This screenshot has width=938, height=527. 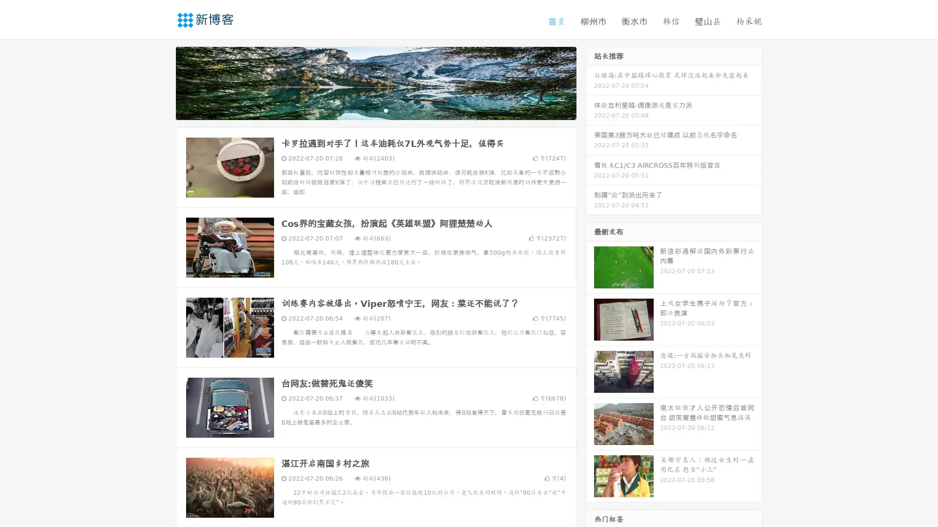 What do you see at coordinates (590, 82) in the screenshot?
I see `Next slide` at bounding box center [590, 82].